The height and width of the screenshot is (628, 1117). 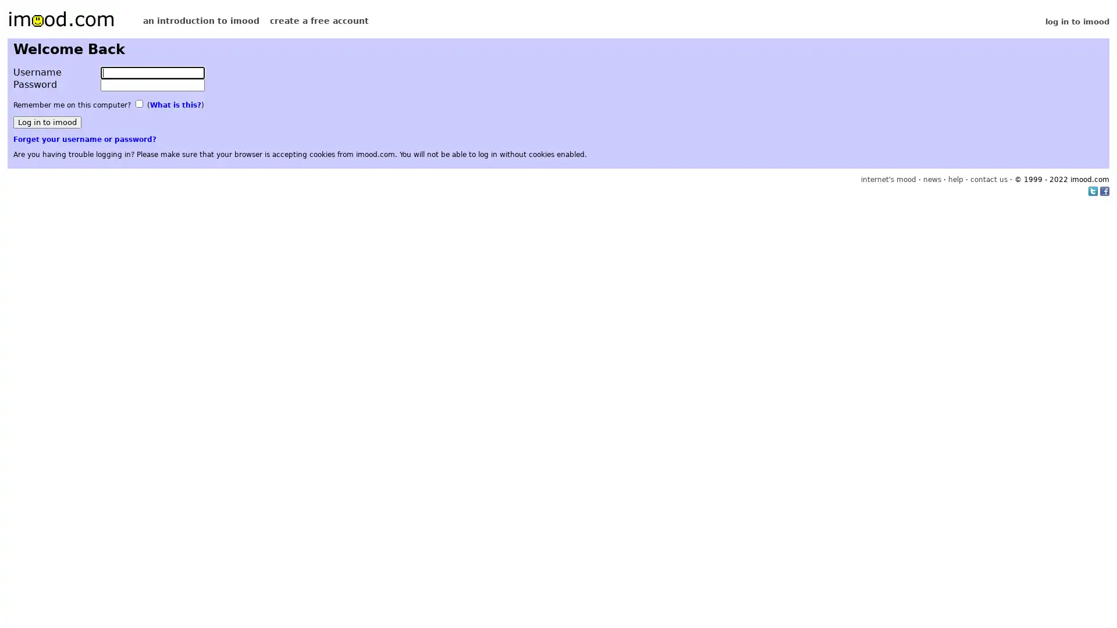 What do you see at coordinates (47, 122) in the screenshot?
I see `Log in to imood` at bounding box center [47, 122].